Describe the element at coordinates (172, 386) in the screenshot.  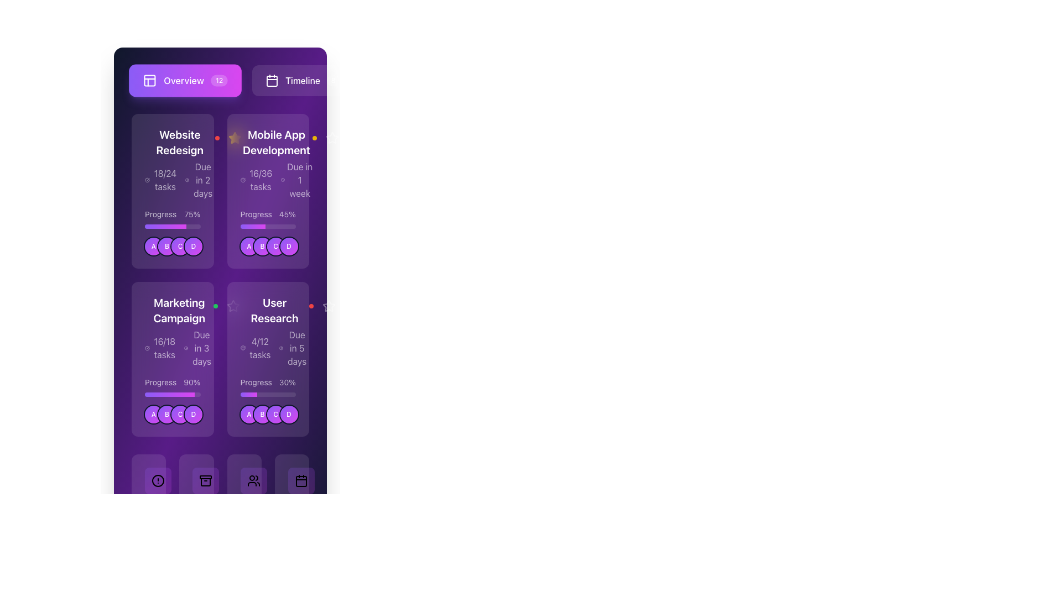
I see `the Progress indicator that shows the task completion percentage for the 'Marketing Campaign', located in the bottom-left section of the card, above the circular icons labeled A, B, C, and D` at that location.